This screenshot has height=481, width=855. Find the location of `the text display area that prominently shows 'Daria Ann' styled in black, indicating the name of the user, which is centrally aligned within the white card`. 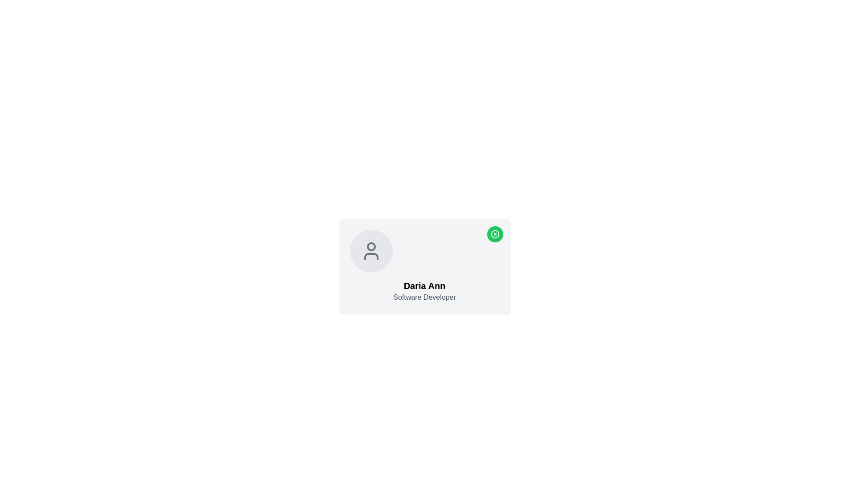

the text display area that prominently shows 'Daria Ann' styled in black, indicating the name of the user, which is centrally aligned within the white card is located at coordinates (424, 291).